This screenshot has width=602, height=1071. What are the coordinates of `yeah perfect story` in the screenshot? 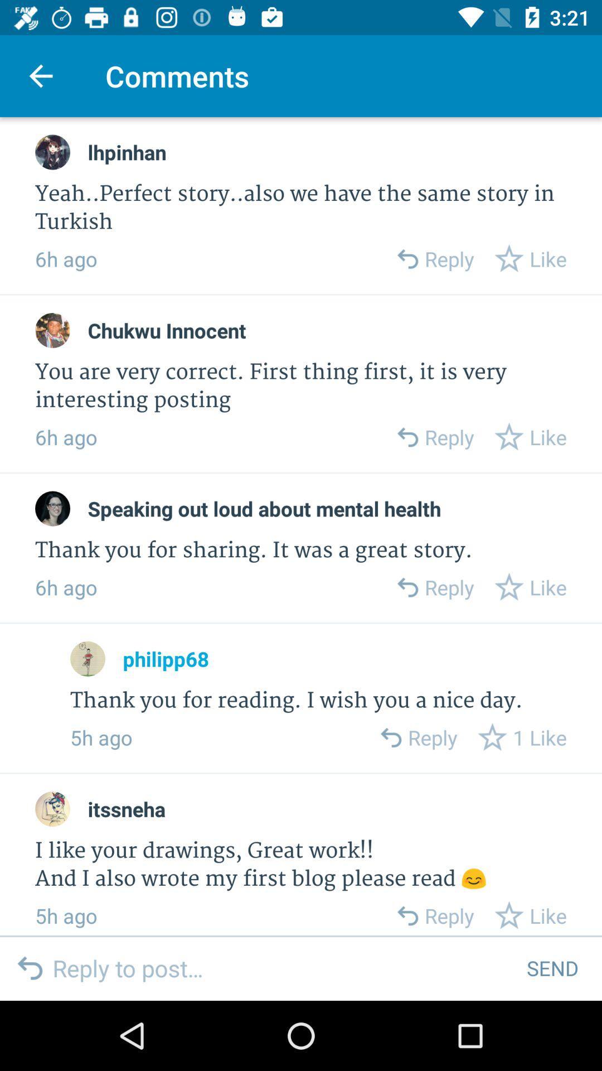 It's located at (301, 208).